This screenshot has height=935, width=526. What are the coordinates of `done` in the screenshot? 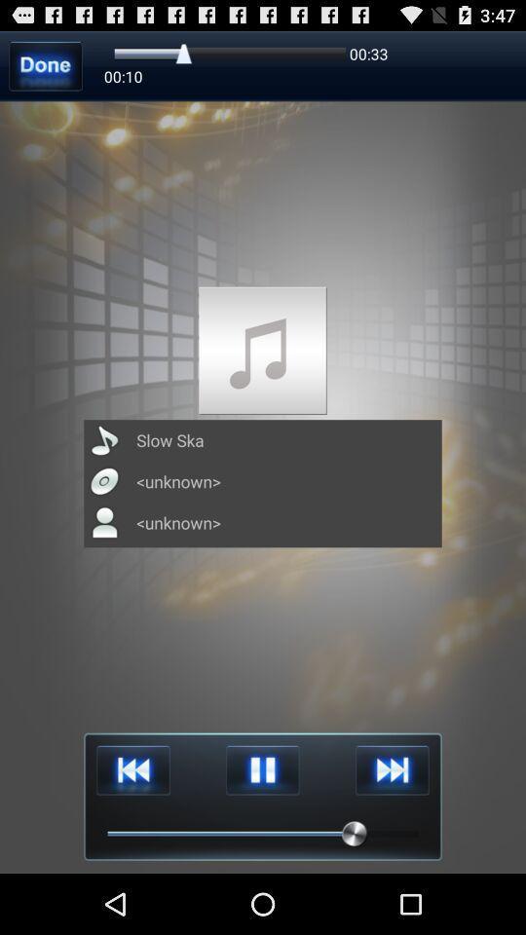 It's located at (46, 65).